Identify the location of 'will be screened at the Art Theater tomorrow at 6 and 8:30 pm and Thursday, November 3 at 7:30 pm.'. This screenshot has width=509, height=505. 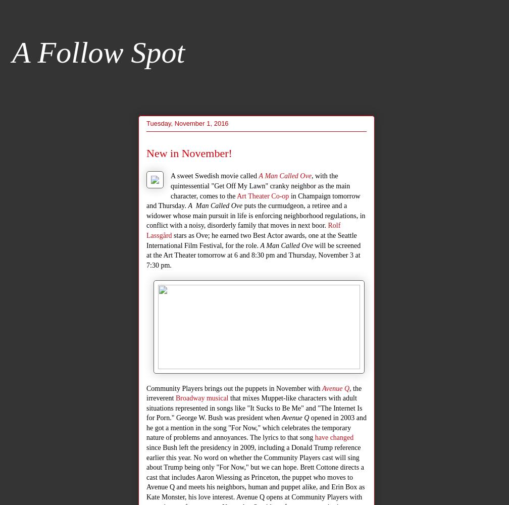
(253, 255).